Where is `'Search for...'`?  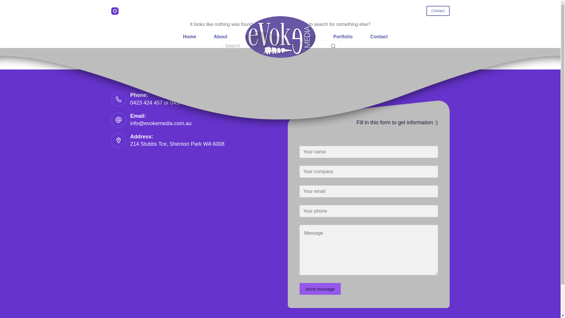
'Search for...' is located at coordinates (280, 45).